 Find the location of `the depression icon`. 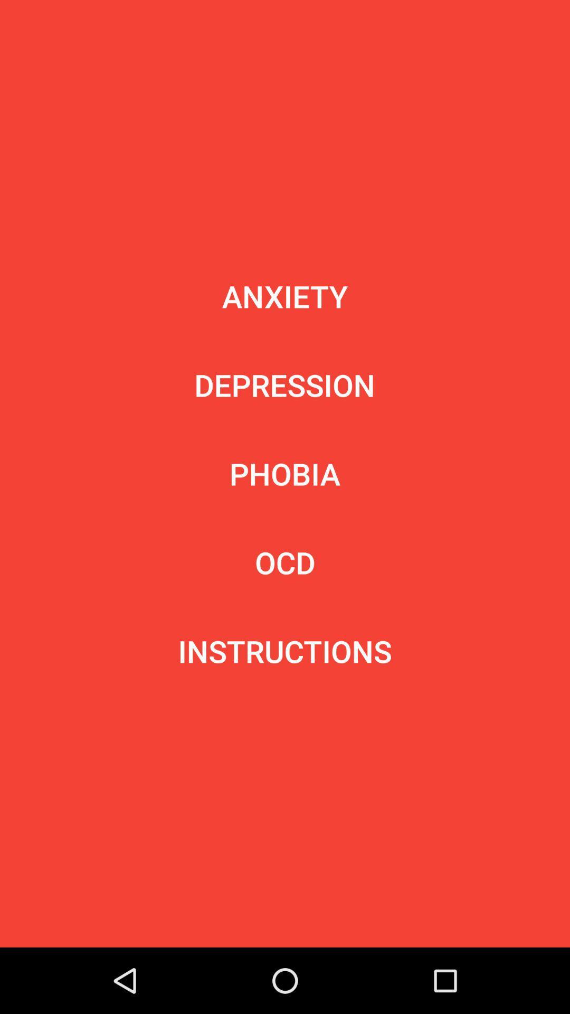

the depression icon is located at coordinates (284, 384).